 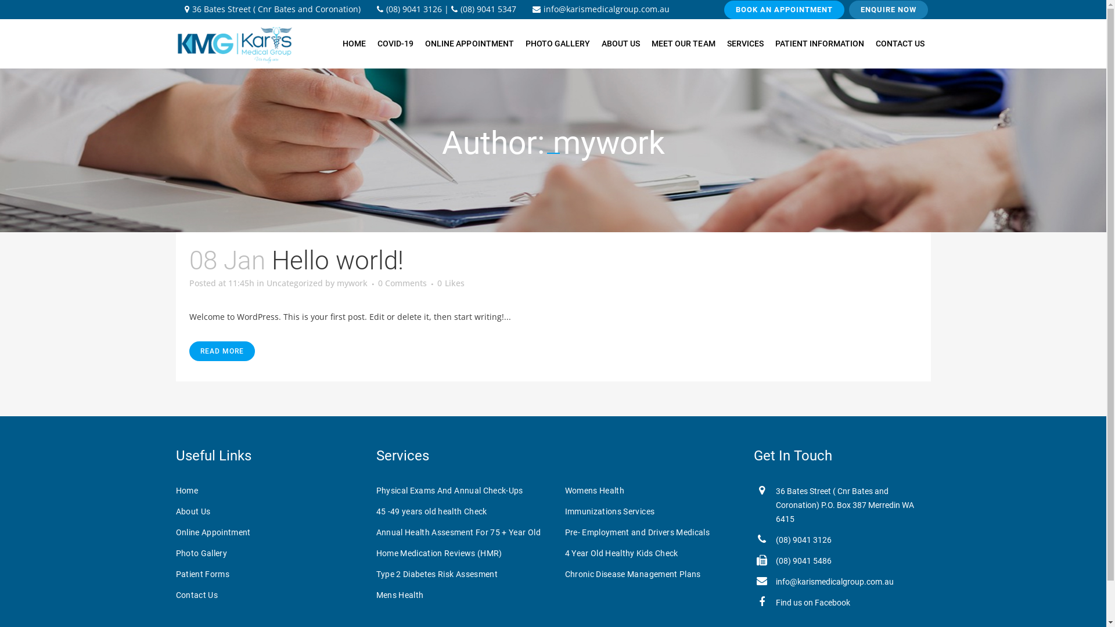 What do you see at coordinates (353, 43) in the screenshot?
I see `'HOME'` at bounding box center [353, 43].